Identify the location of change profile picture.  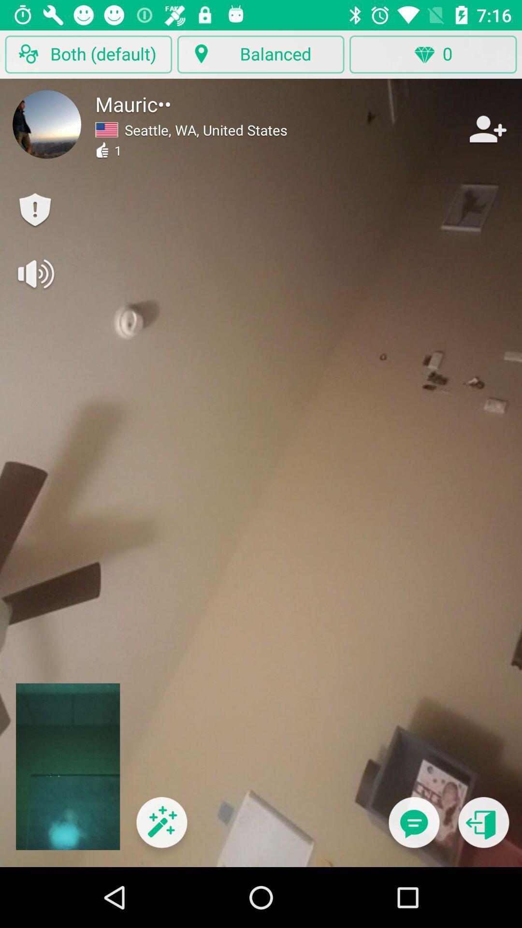
(47, 124).